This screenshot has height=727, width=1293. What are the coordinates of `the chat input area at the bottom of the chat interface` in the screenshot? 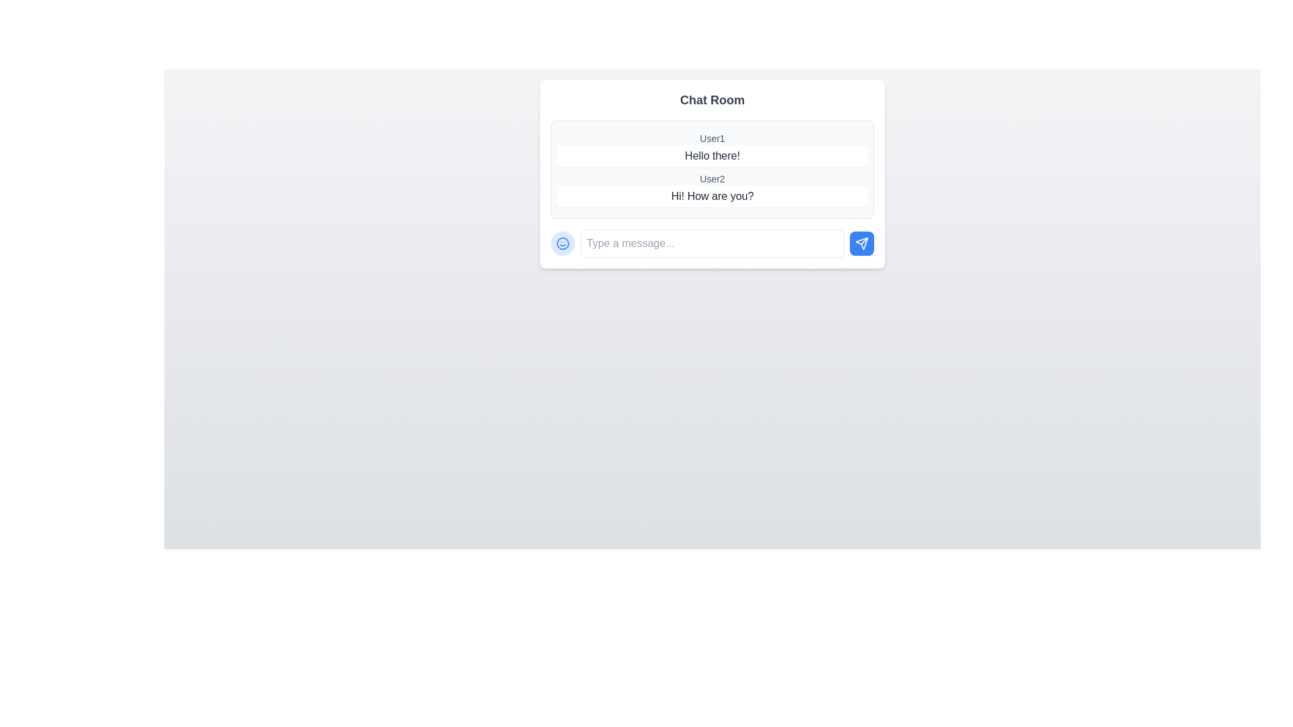 It's located at (711, 244).